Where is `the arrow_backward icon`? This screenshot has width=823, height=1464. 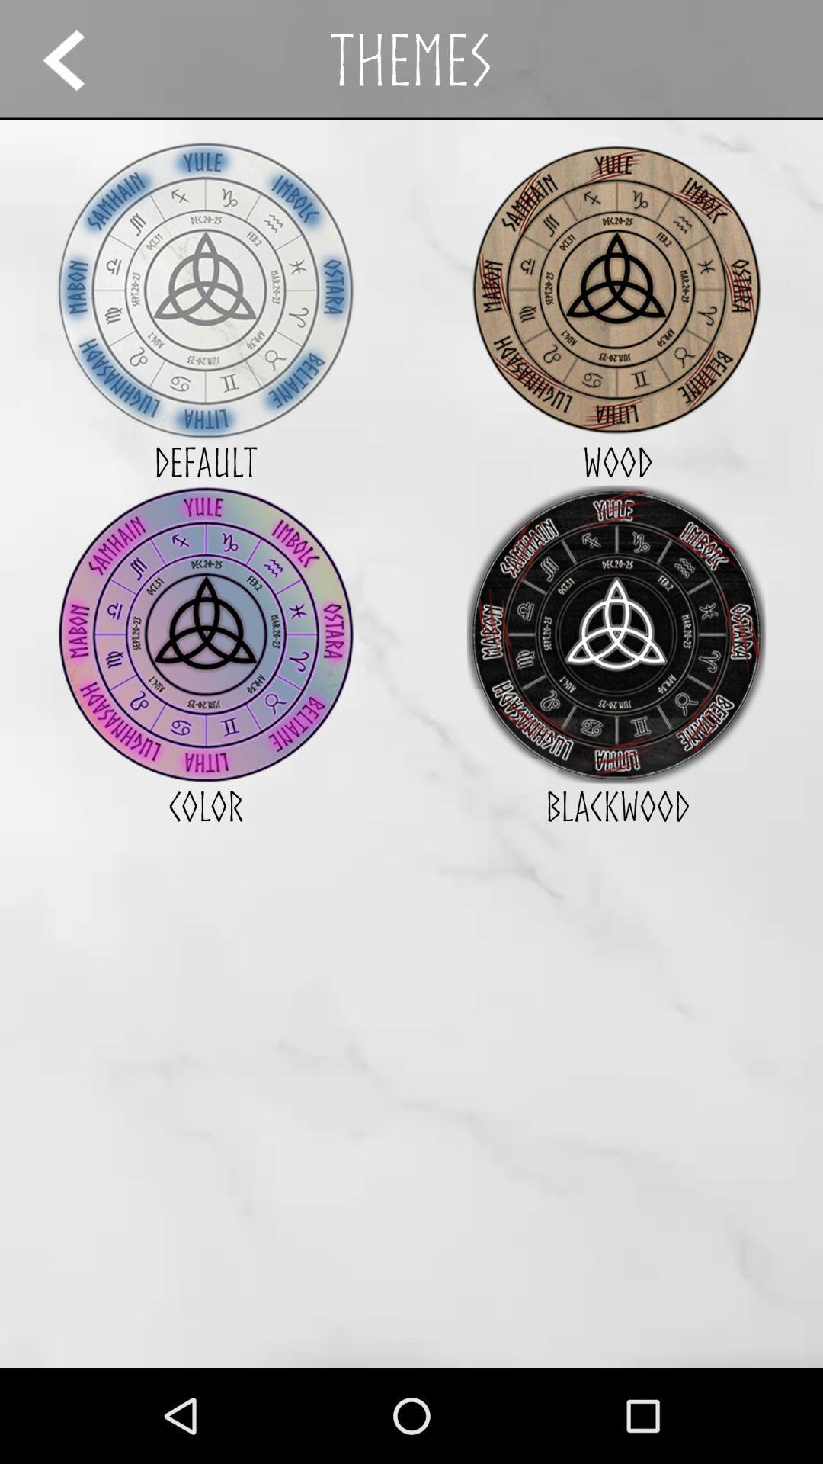
the arrow_backward icon is located at coordinates (78, 63).